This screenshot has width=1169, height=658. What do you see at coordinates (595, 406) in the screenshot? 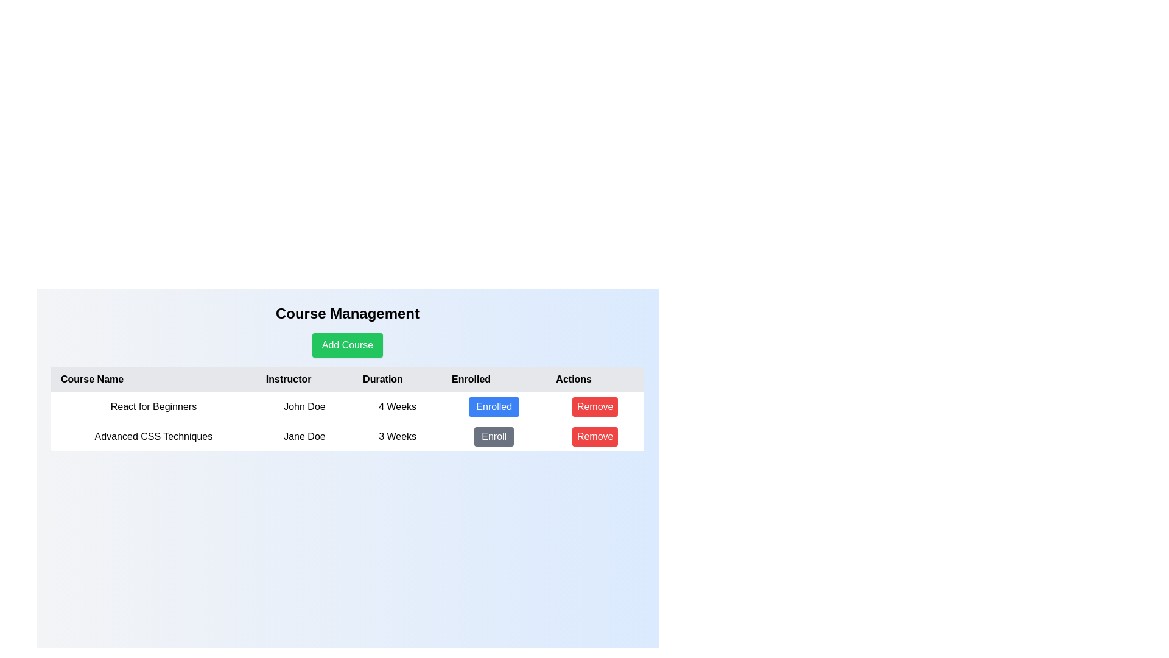
I see `the red 'Remove' button with white bold text that is located in the 'Actions' column of the second row in the table` at bounding box center [595, 406].